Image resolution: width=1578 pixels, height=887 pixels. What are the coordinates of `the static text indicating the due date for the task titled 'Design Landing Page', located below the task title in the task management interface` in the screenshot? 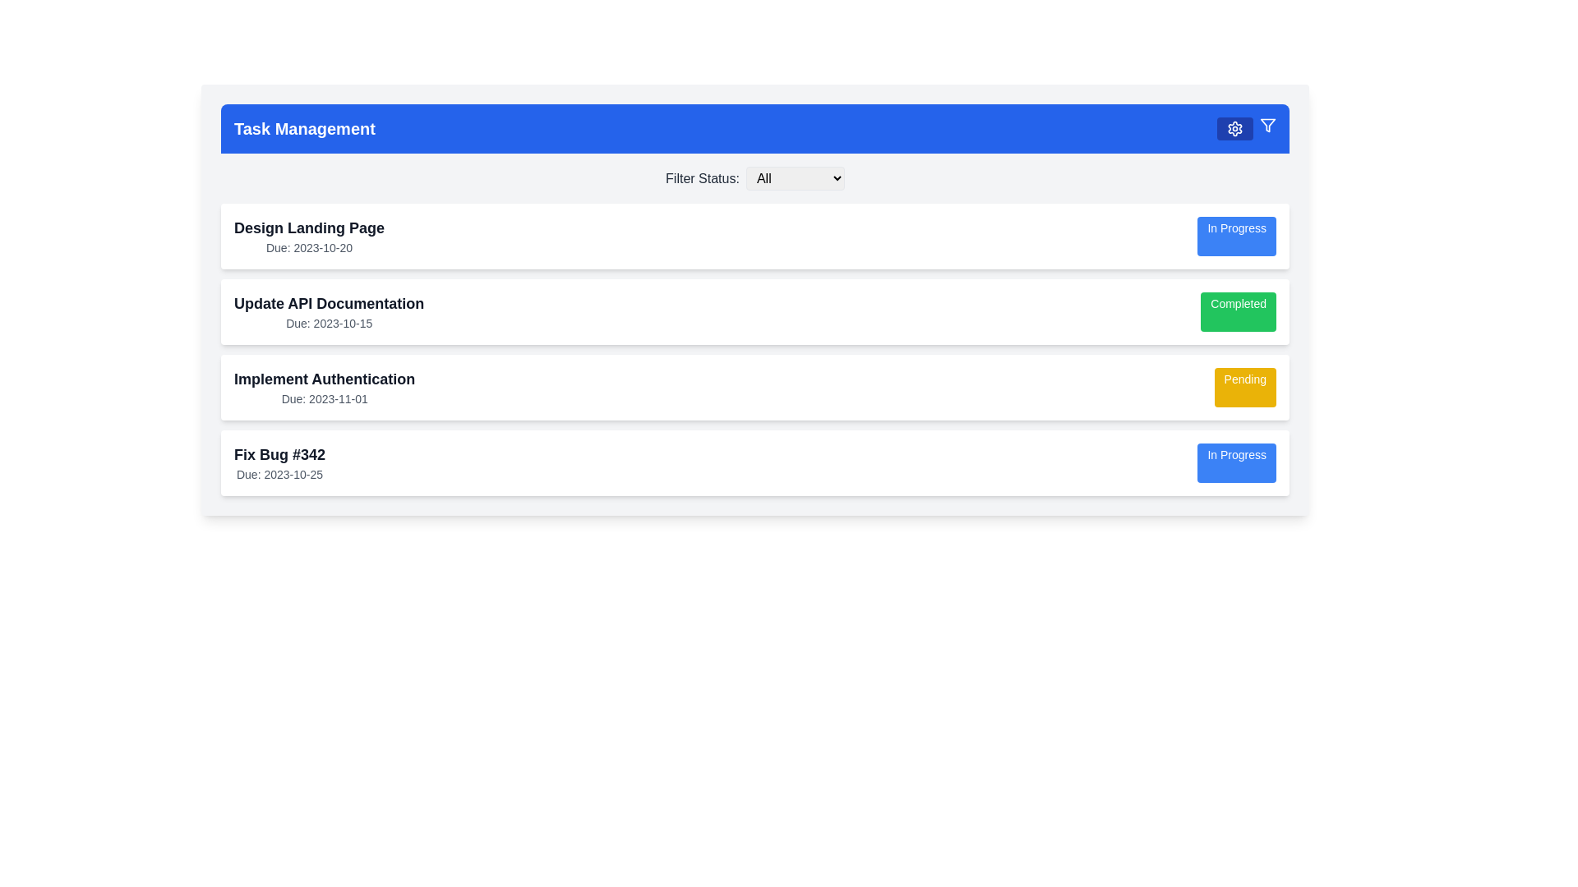 It's located at (309, 247).